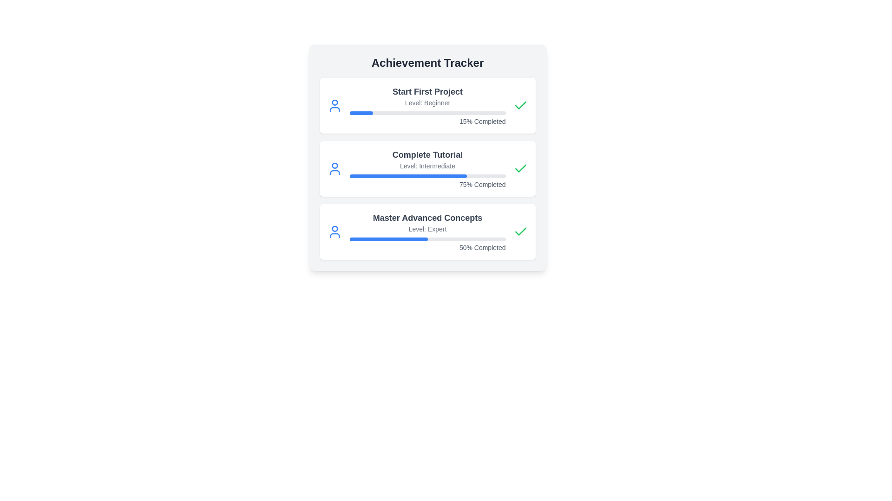  What do you see at coordinates (427, 229) in the screenshot?
I see `the static informational text label indicating the difficulty level, located below the header 'Master Advanced Concepts' and above the progress bar` at bounding box center [427, 229].